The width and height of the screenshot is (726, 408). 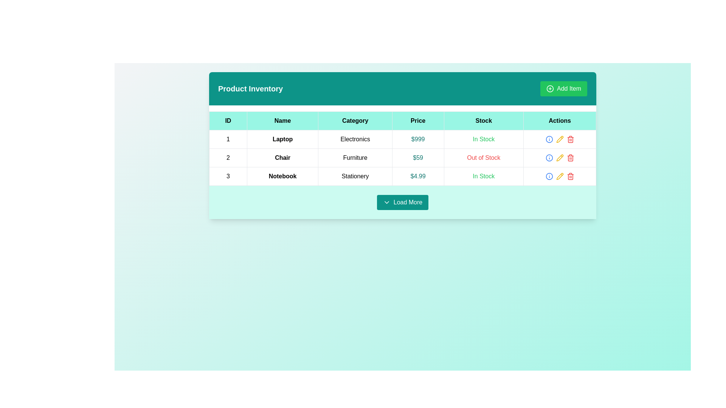 I want to click on the 'Name' column header cell in the table, which is the second header in the row, located near the top-middle of the table layout, so click(x=282, y=121).